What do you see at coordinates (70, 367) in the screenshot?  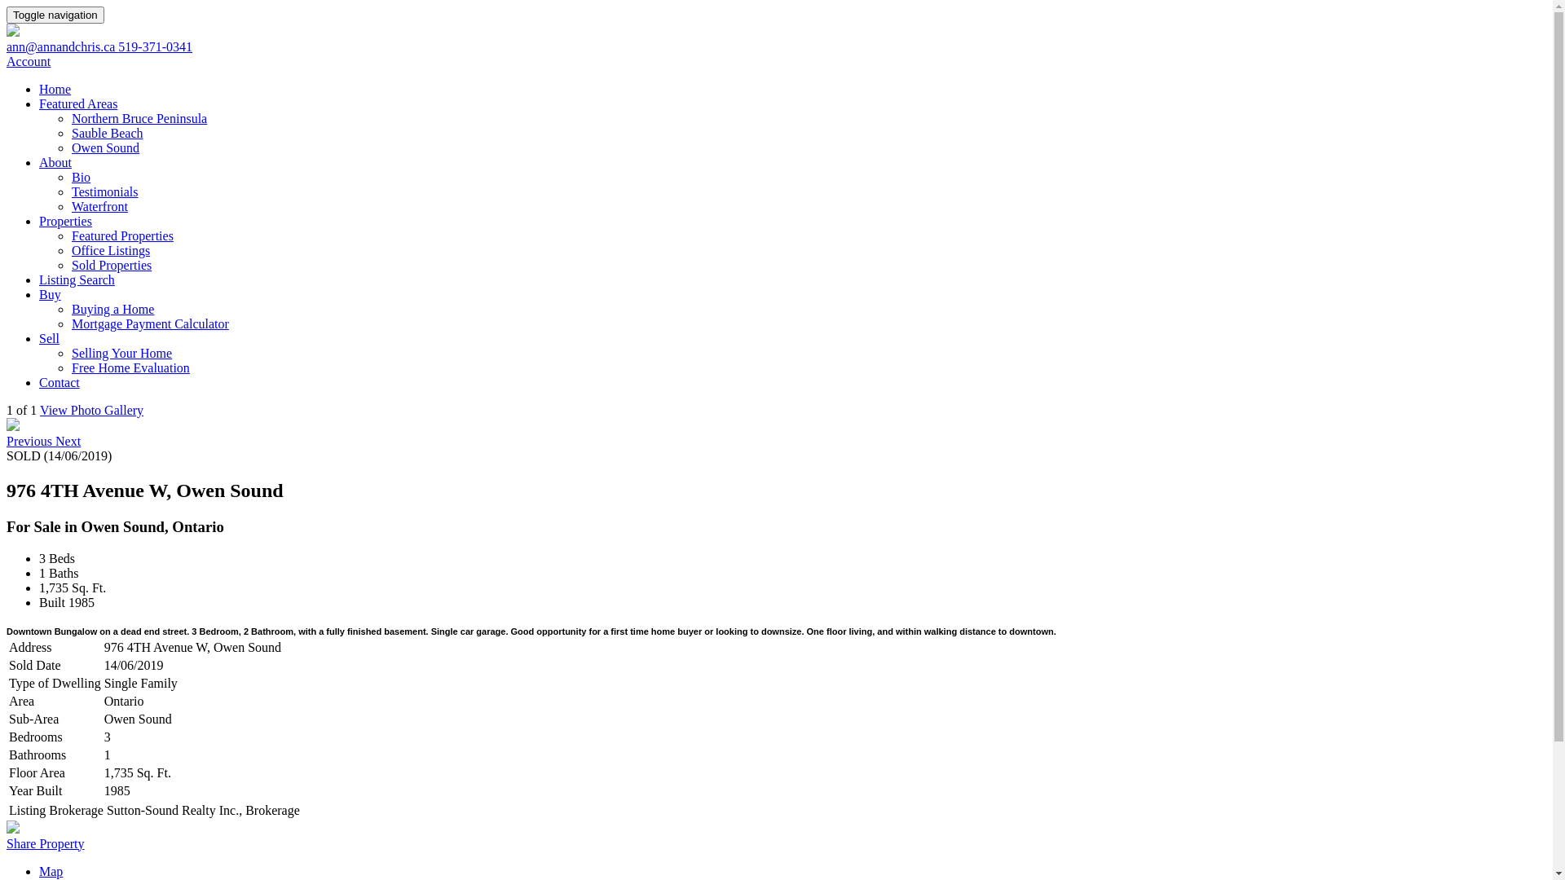 I see `'Free Home Evaluation'` at bounding box center [70, 367].